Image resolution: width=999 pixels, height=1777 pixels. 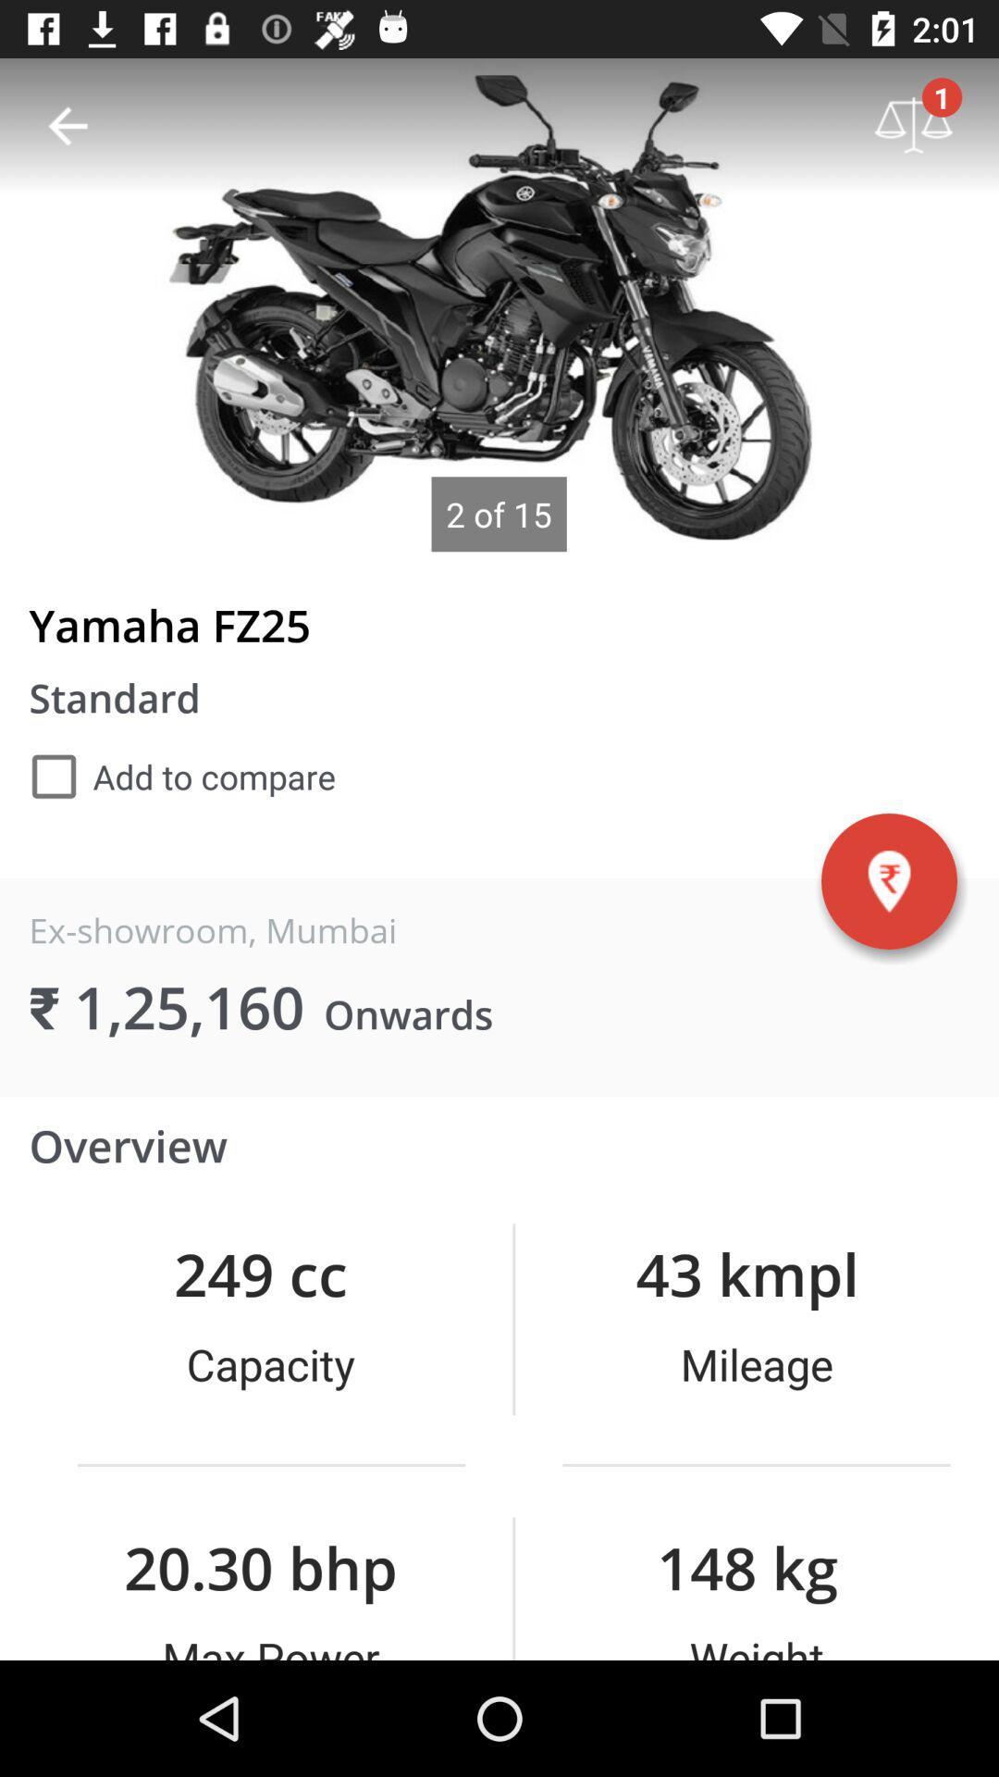 What do you see at coordinates (888, 880) in the screenshot?
I see `warning` at bounding box center [888, 880].